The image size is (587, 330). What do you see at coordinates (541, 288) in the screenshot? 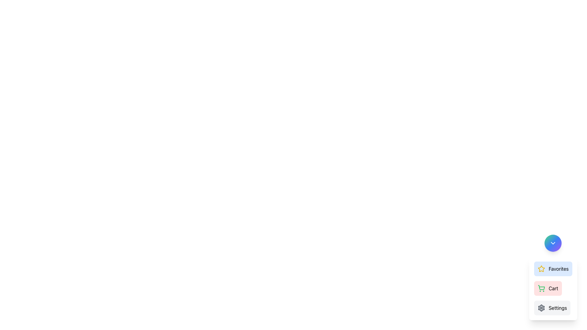
I see `the shopping cart icon located to the left of the 'Cart' label in the vertical dropdown menu` at bounding box center [541, 288].